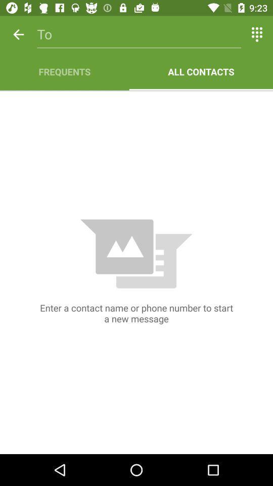 The height and width of the screenshot is (486, 273). I want to click on icon above frequents, so click(18, 34).